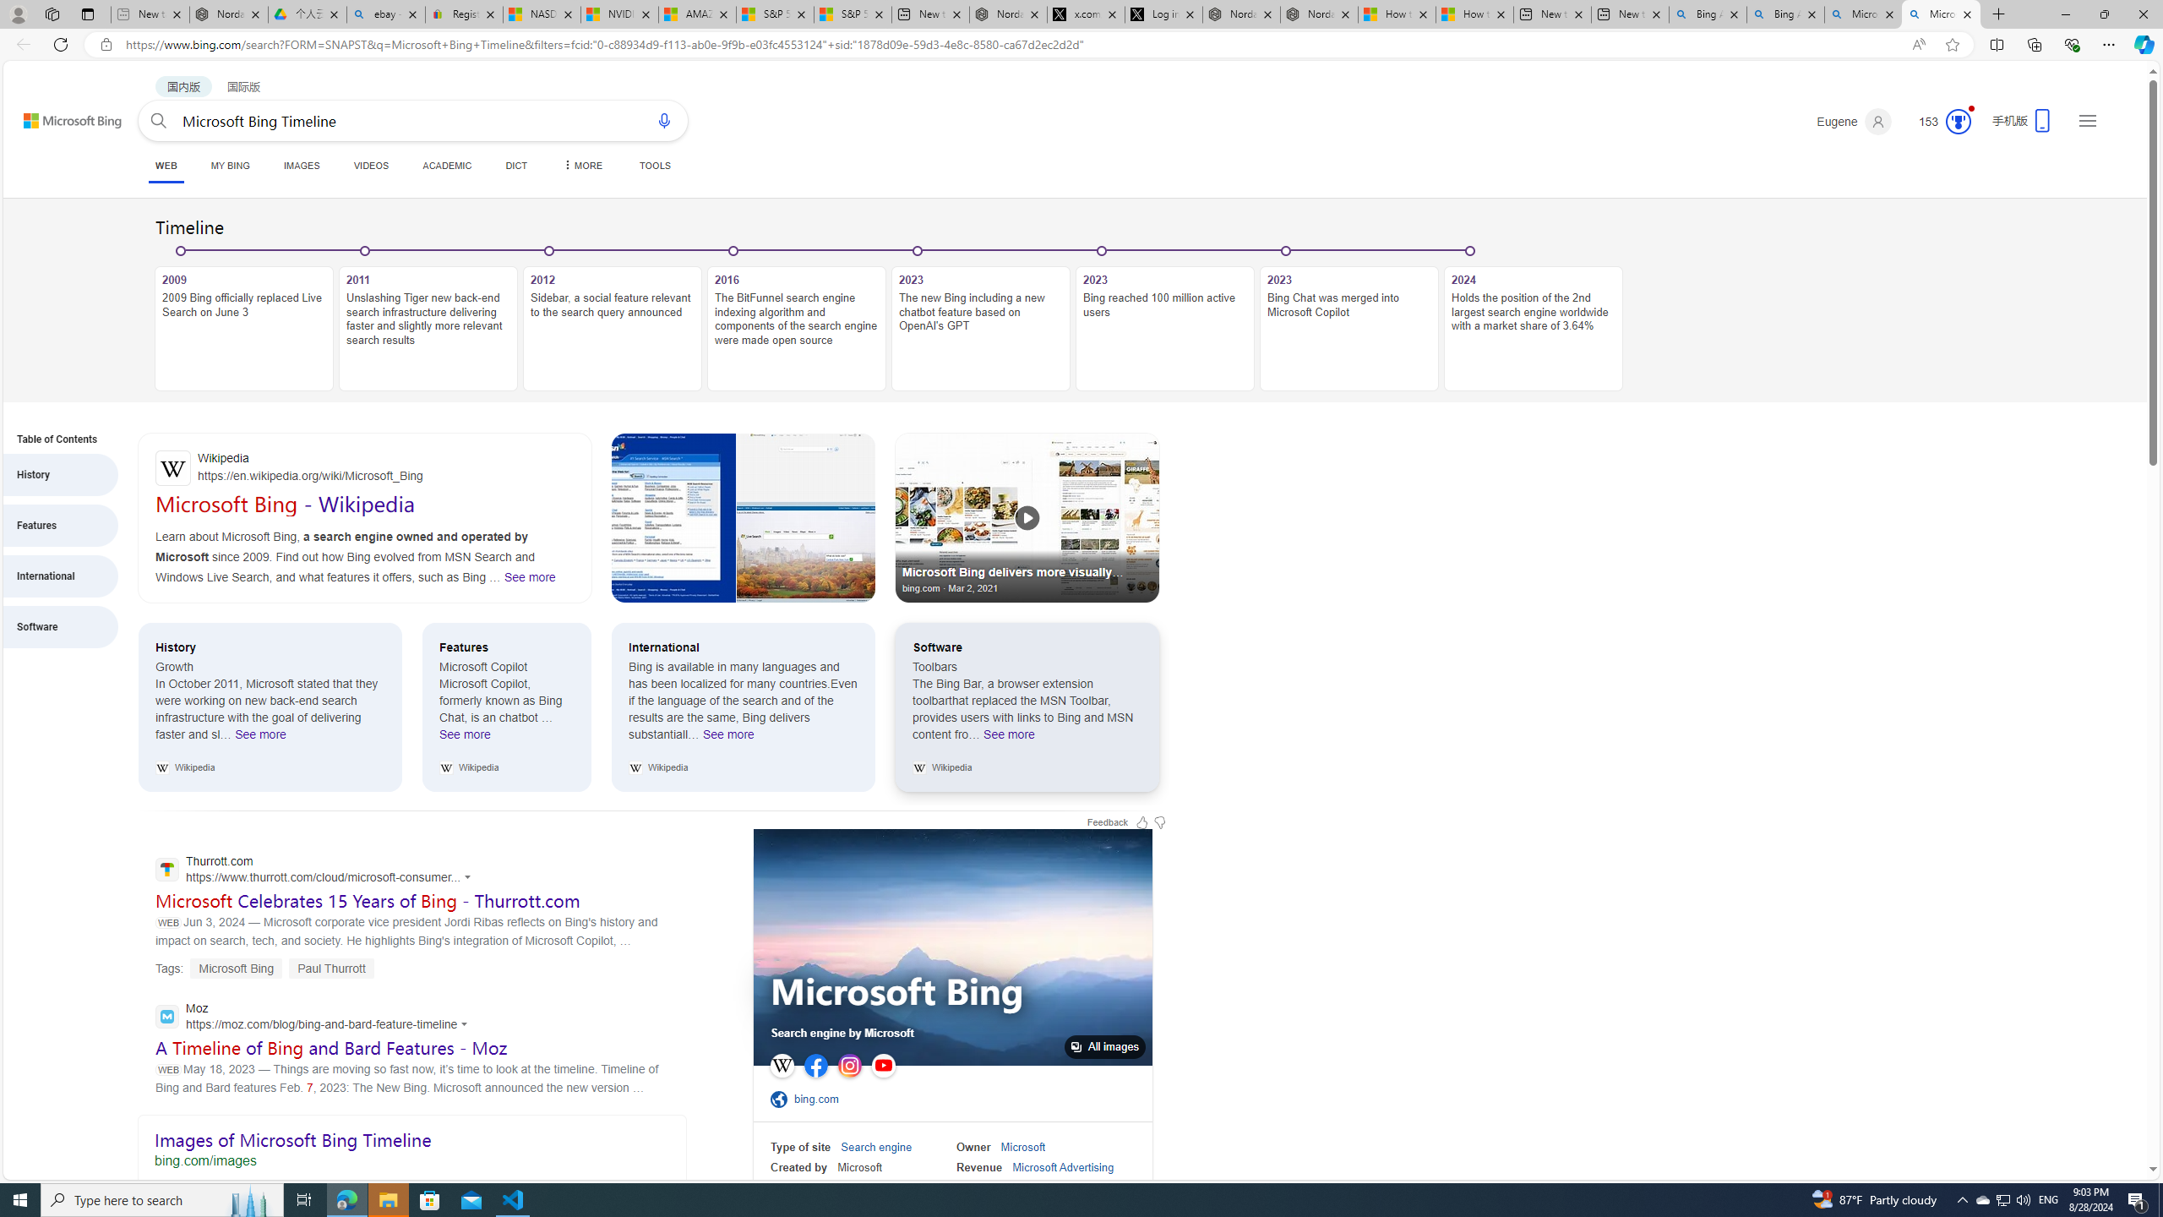 Image resolution: width=2163 pixels, height=1217 pixels. Describe the element at coordinates (882, 1065) in the screenshot. I see `'YouTube'` at that location.